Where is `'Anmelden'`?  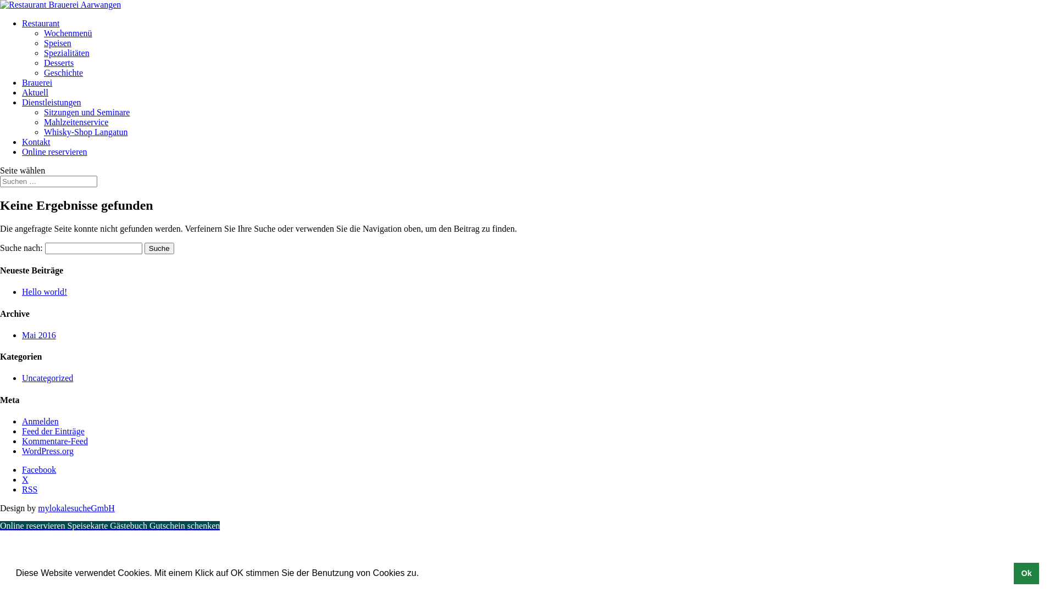 'Anmelden' is located at coordinates (40, 421).